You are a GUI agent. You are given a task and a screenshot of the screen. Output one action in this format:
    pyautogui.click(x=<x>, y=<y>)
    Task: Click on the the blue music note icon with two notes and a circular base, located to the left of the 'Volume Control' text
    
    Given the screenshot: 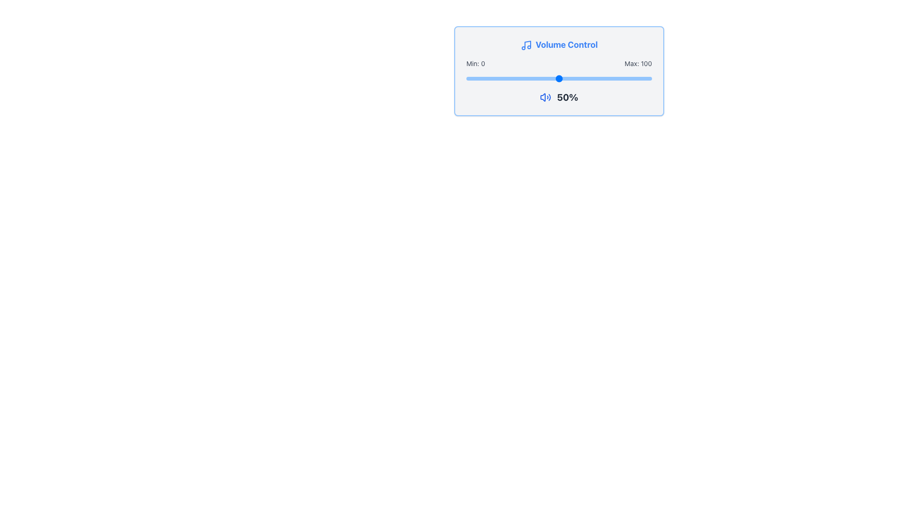 What is the action you would take?
    pyautogui.click(x=526, y=45)
    